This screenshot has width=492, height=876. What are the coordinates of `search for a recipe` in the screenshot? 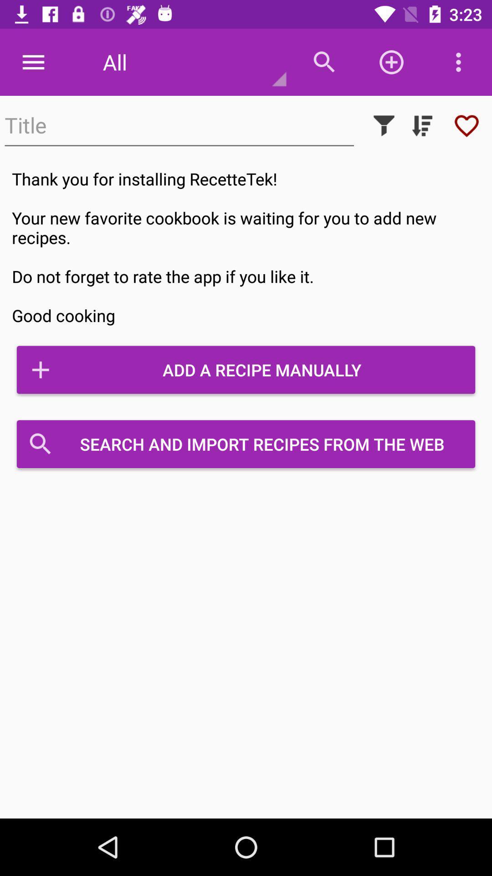 It's located at (179, 125).